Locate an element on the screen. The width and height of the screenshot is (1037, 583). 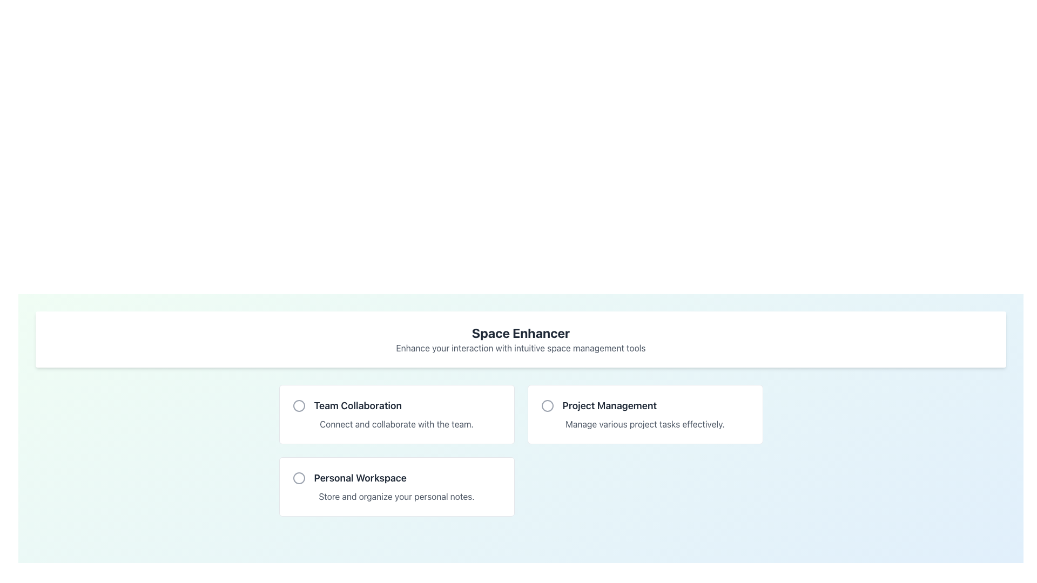
the 'Personal Workspace' card, which is the third card in a grid layout is located at coordinates (396, 487).